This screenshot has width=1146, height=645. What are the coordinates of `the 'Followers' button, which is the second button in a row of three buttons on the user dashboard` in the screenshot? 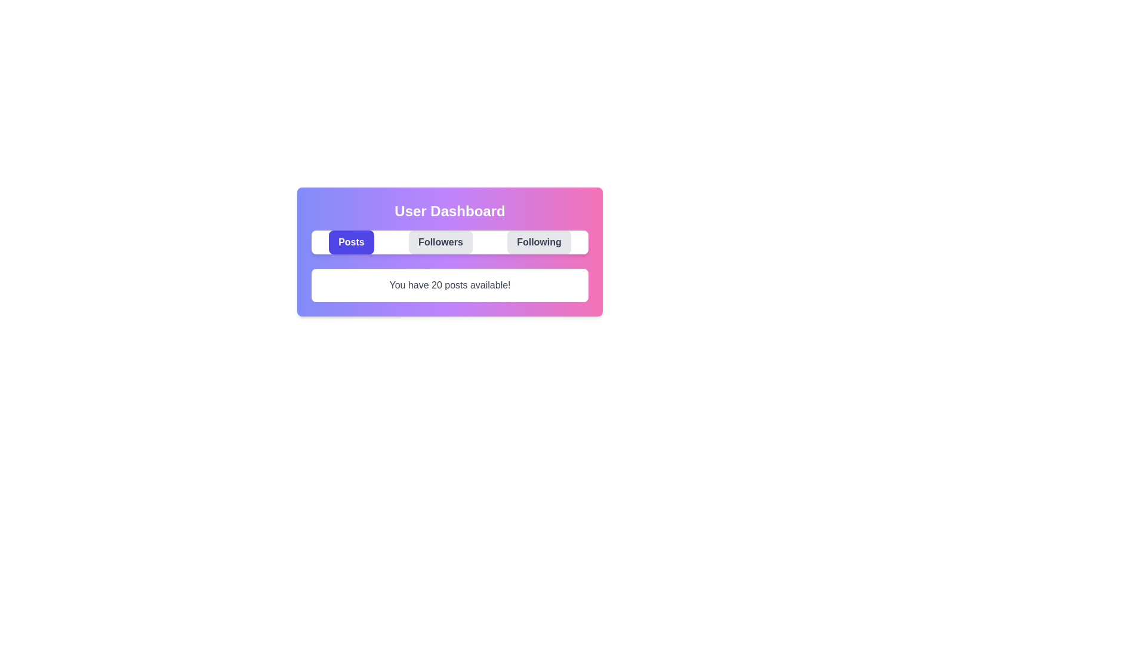 It's located at (440, 242).